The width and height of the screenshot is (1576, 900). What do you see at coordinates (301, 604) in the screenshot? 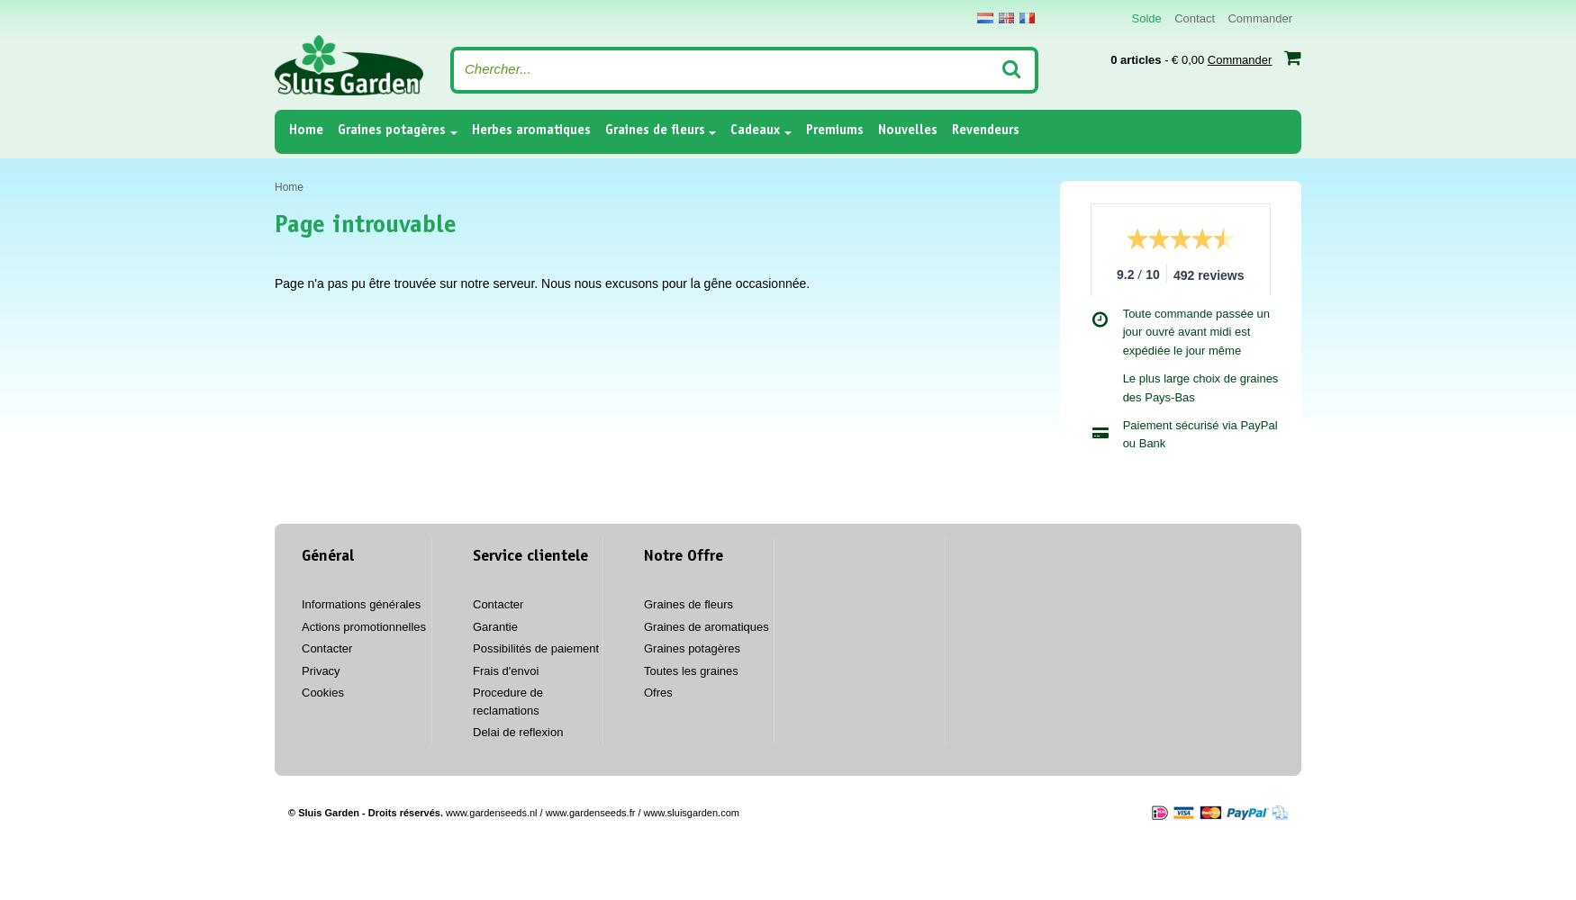
I see `'Informations générales'` at bounding box center [301, 604].